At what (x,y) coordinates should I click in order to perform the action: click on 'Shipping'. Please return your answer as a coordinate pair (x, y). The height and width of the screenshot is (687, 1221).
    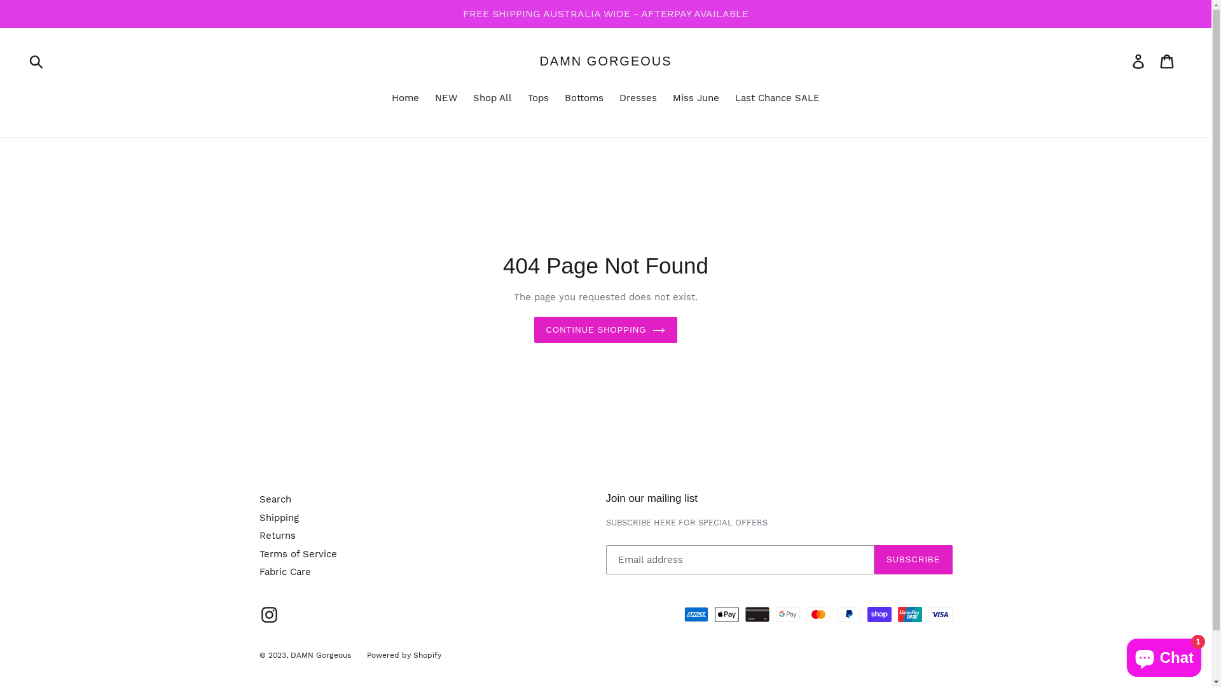
    Looking at the image, I should click on (259, 517).